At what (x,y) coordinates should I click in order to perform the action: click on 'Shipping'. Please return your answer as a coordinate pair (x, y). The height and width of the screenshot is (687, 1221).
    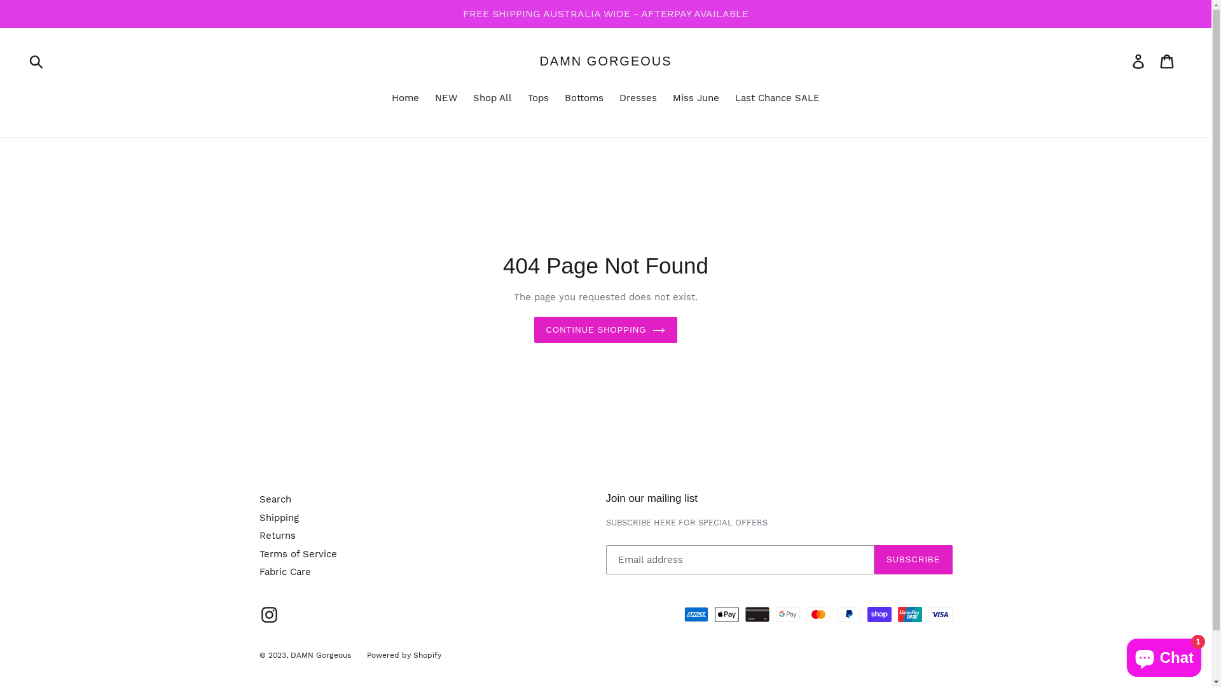
    Looking at the image, I should click on (259, 517).